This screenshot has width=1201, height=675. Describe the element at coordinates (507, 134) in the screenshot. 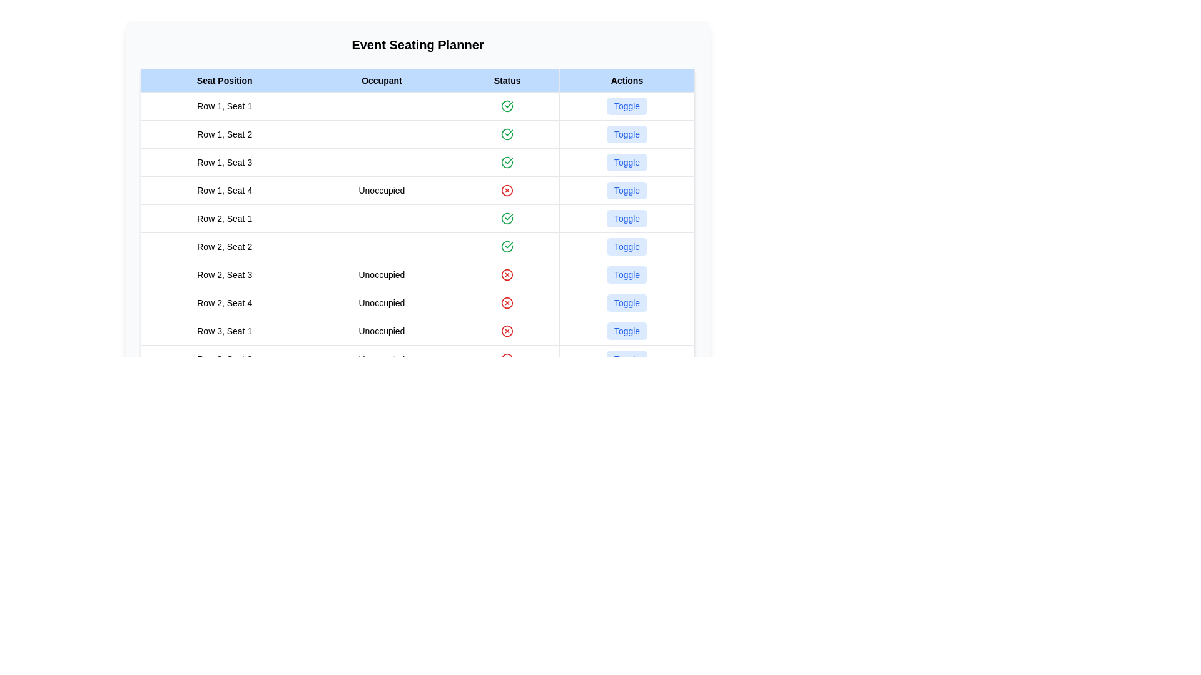

I see `the status indicator icon in the 'Status' column of the second row, which signifies a confirmed or positive status` at that location.